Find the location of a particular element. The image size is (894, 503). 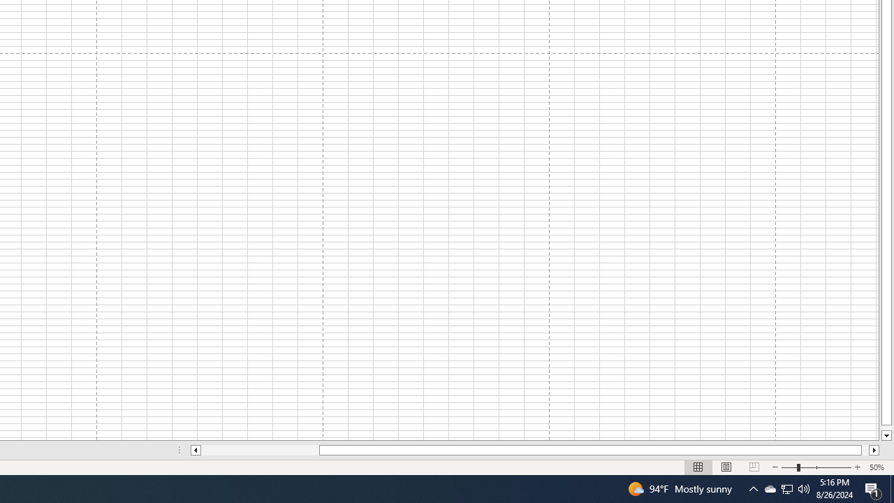

'Zoom' is located at coordinates (816, 467).